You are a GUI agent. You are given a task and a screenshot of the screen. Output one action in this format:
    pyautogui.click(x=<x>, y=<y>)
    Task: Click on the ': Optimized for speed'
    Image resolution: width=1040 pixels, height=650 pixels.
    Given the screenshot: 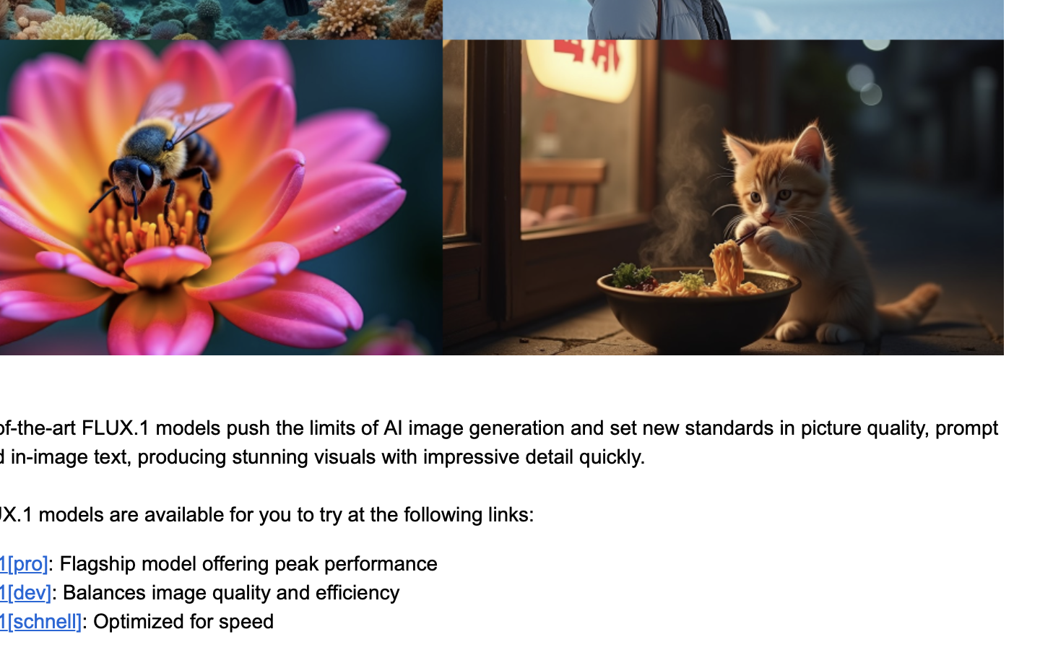 What is the action you would take?
    pyautogui.click(x=176, y=621)
    